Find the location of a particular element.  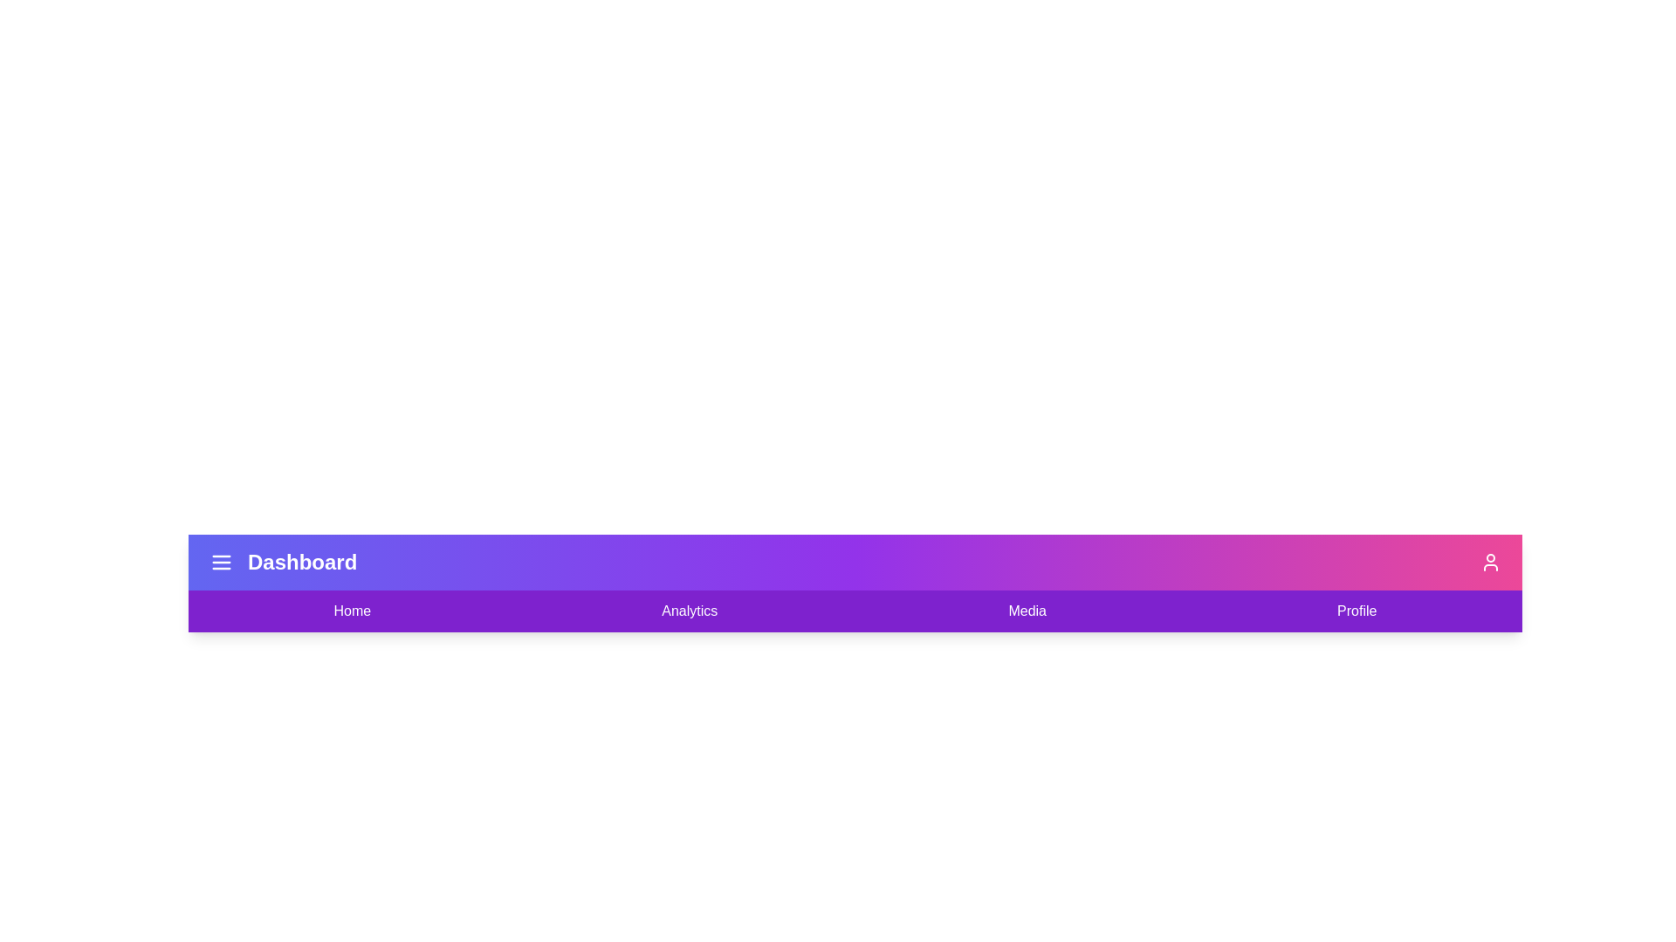

the navigation link labeled Home is located at coordinates (351, 611).